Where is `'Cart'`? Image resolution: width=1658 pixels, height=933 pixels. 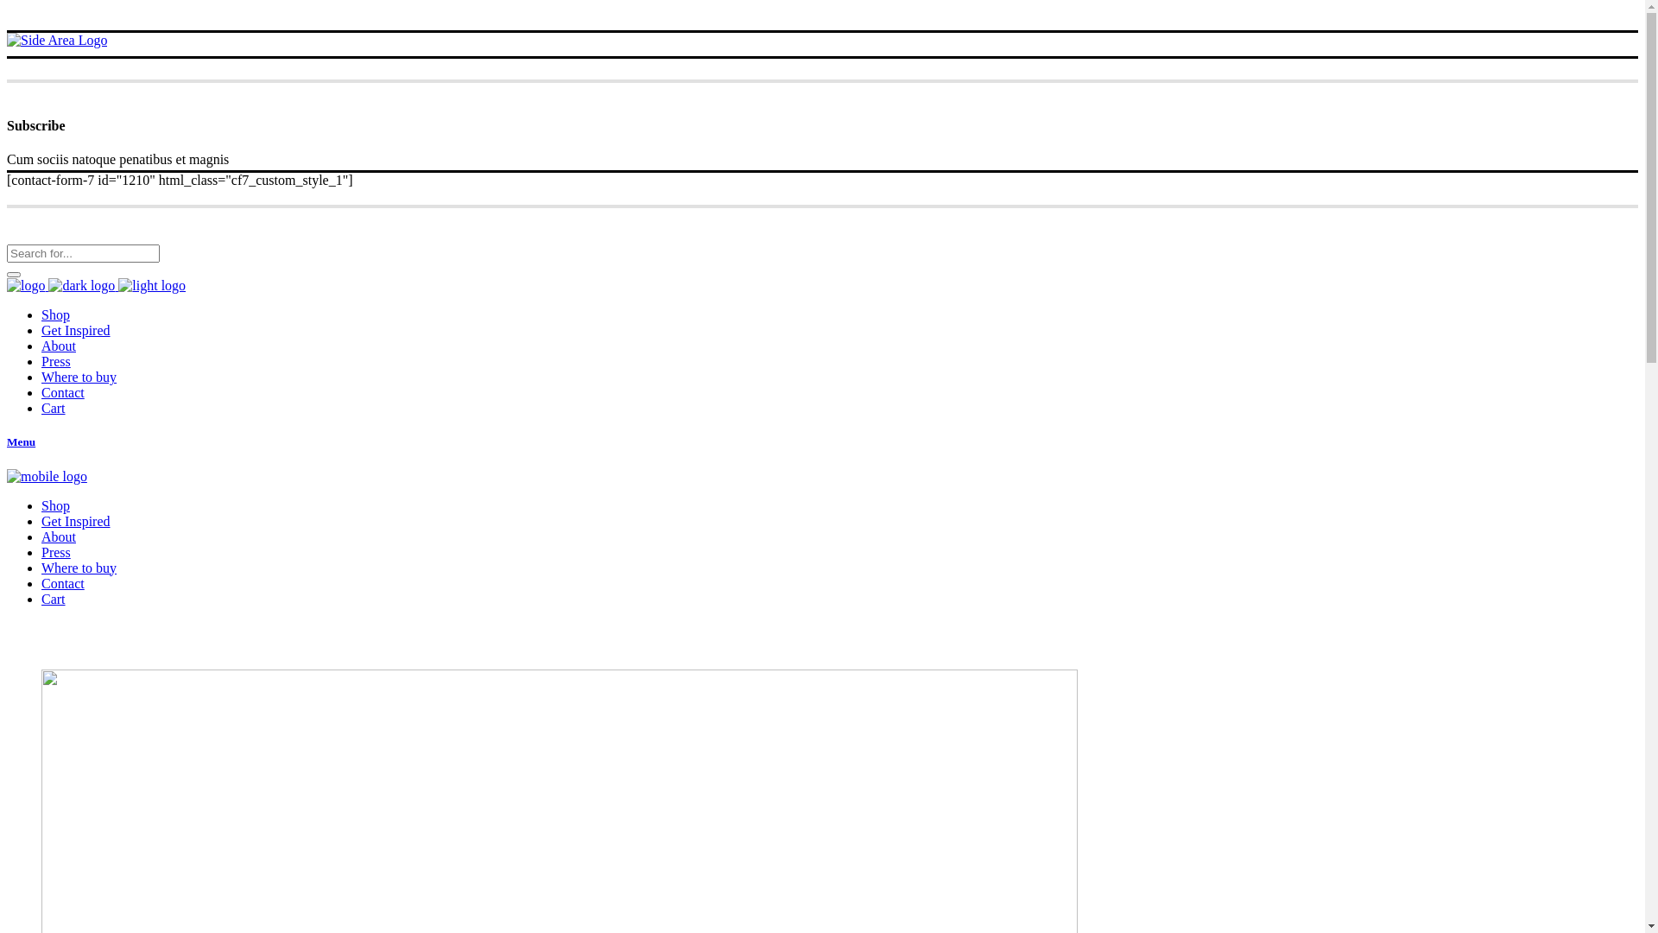 'Cart' is located at coordinates (54, 408).